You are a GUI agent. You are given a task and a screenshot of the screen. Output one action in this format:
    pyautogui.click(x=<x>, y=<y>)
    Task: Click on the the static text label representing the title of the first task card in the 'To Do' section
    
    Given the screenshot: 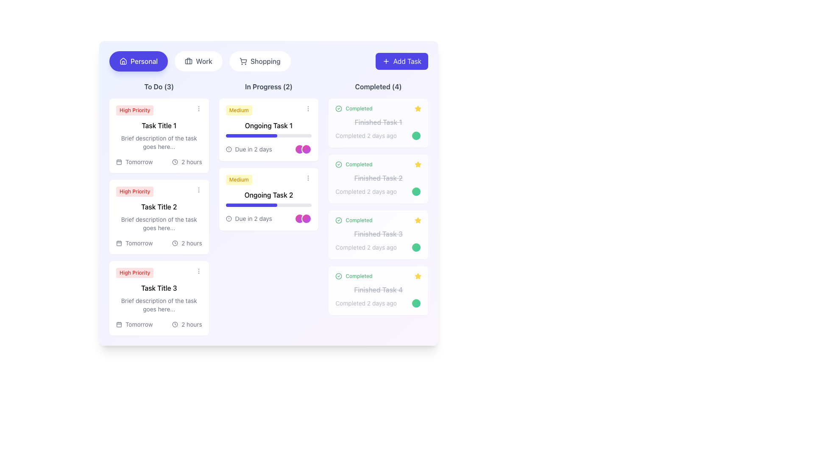 What is the action you would take?
    pyautogui.click(x=159, y=126)
    